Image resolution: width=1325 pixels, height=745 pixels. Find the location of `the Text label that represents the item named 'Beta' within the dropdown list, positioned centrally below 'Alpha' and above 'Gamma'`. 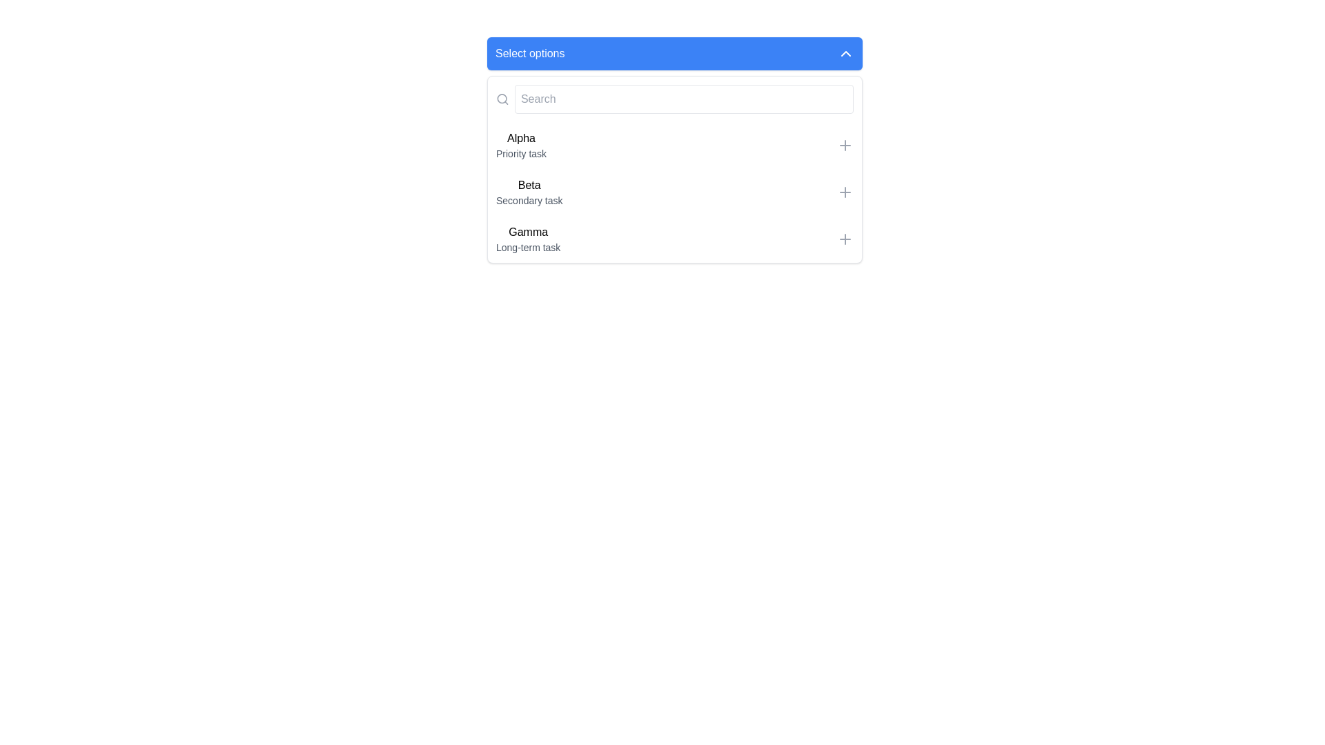

the Text label that represents the item named 'Beta' within the dropdown list, positioned centrally below 'Alpha' and above 'Gamma' is located at coordinates (529, 185).